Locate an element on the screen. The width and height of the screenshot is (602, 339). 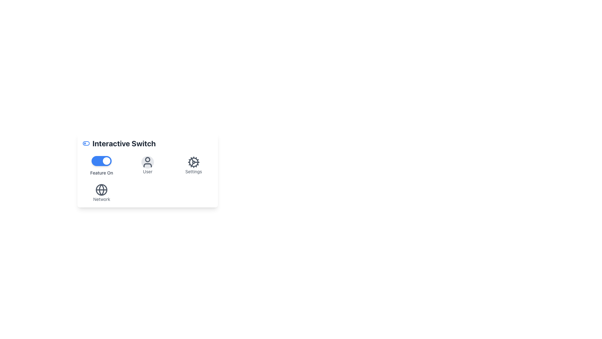
the toggle switch labeled 'Feature On' to switch its state is located at coordinates (102, 165).